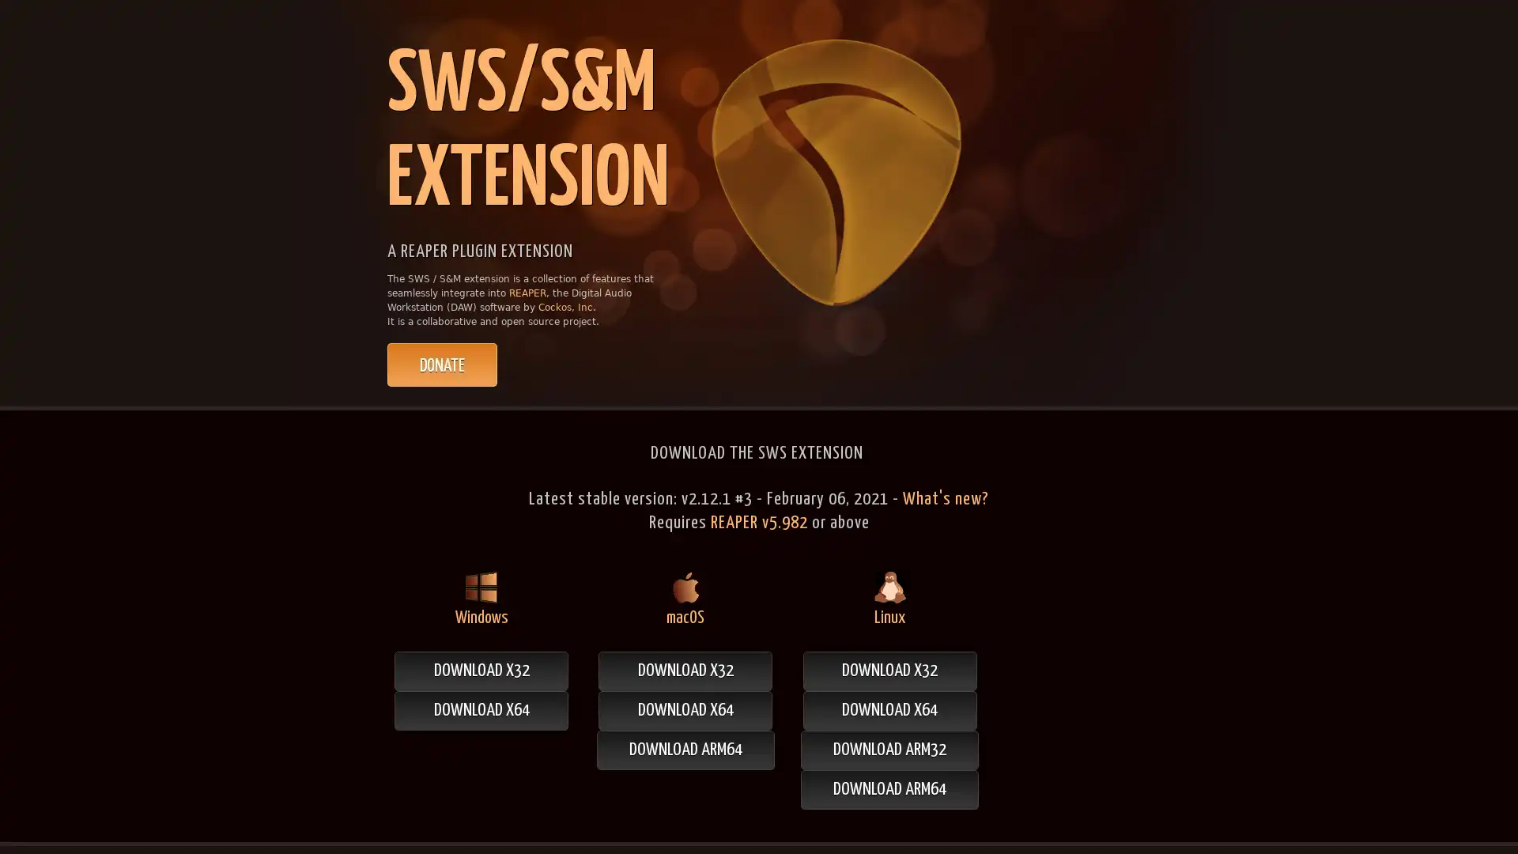 The width and height of the screenshot is (1518, 854). I want to click on DOWNLOAD X32, so click(759, 671).